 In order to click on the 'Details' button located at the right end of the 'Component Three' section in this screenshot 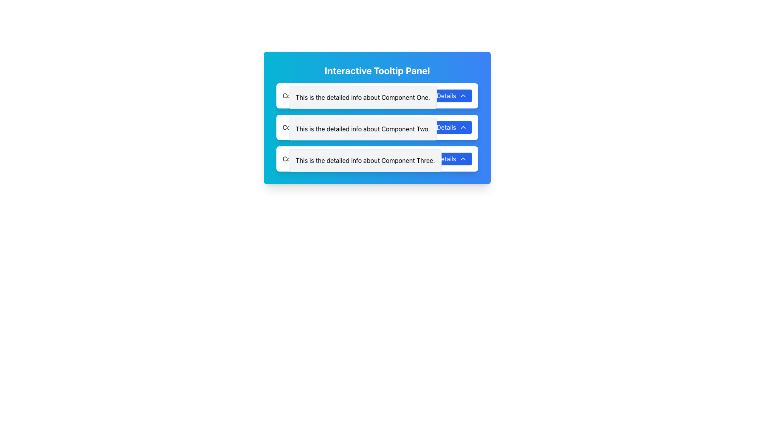, I will do `click(452, 159)`.